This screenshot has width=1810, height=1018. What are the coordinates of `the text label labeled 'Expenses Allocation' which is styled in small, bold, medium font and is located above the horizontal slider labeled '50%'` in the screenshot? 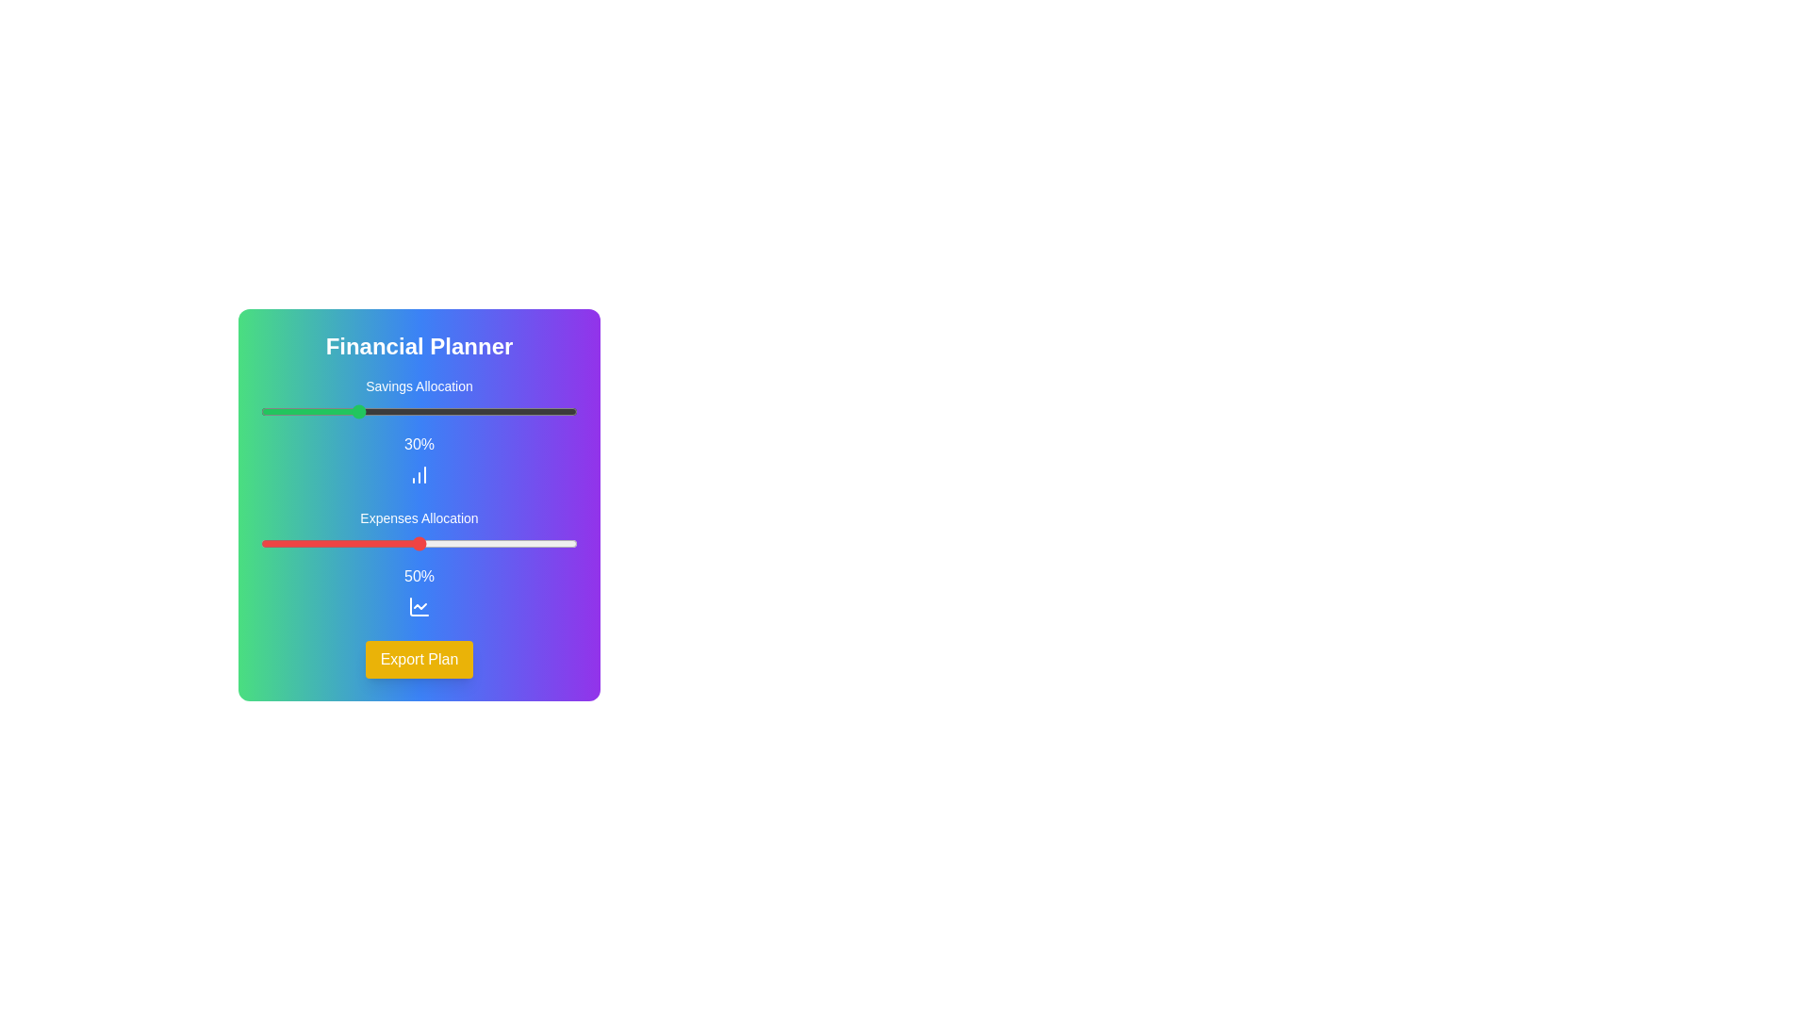 It's located at (419, 518).